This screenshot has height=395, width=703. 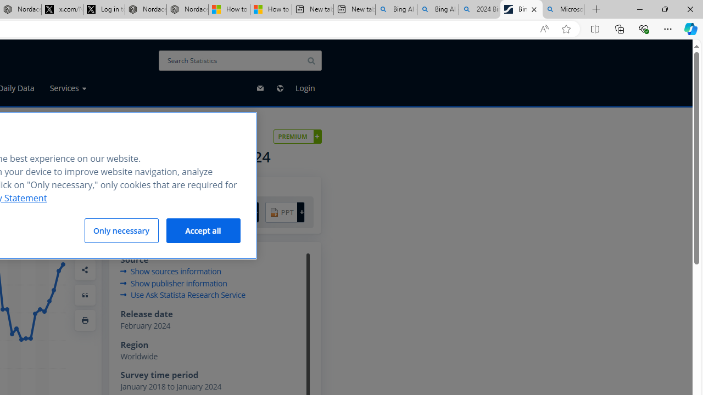 I want to click on 'Only necessary', so click(x=121, y=230).